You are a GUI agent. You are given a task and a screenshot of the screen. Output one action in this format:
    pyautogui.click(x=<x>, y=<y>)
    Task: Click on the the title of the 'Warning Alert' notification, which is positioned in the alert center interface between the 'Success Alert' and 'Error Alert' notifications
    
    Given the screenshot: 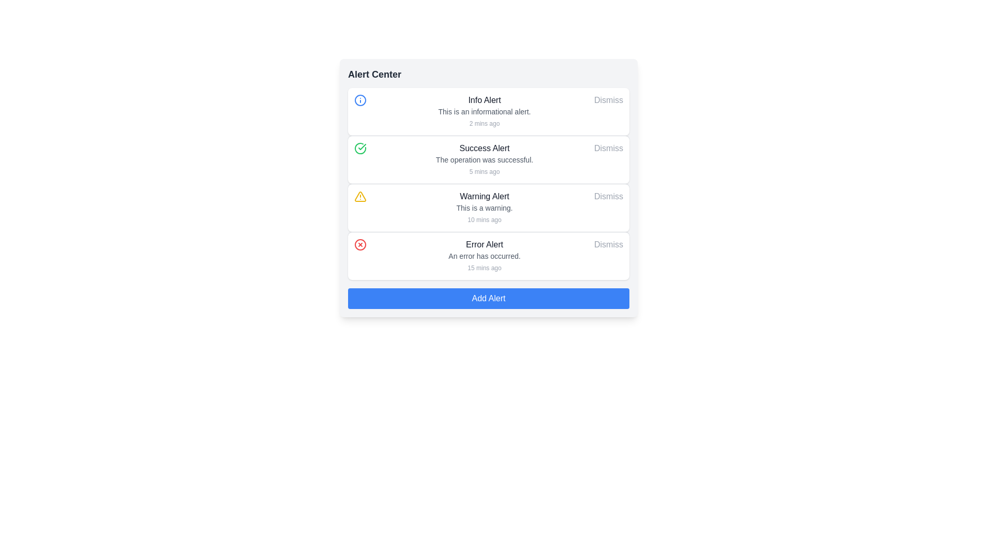 What is the action you would take?
    pyautogui.click(x=484, y=197)
    